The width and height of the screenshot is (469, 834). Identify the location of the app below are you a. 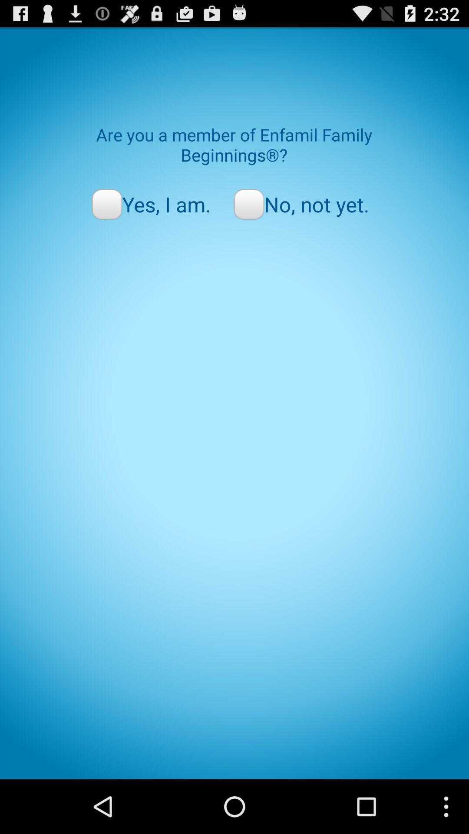
(151, 204).